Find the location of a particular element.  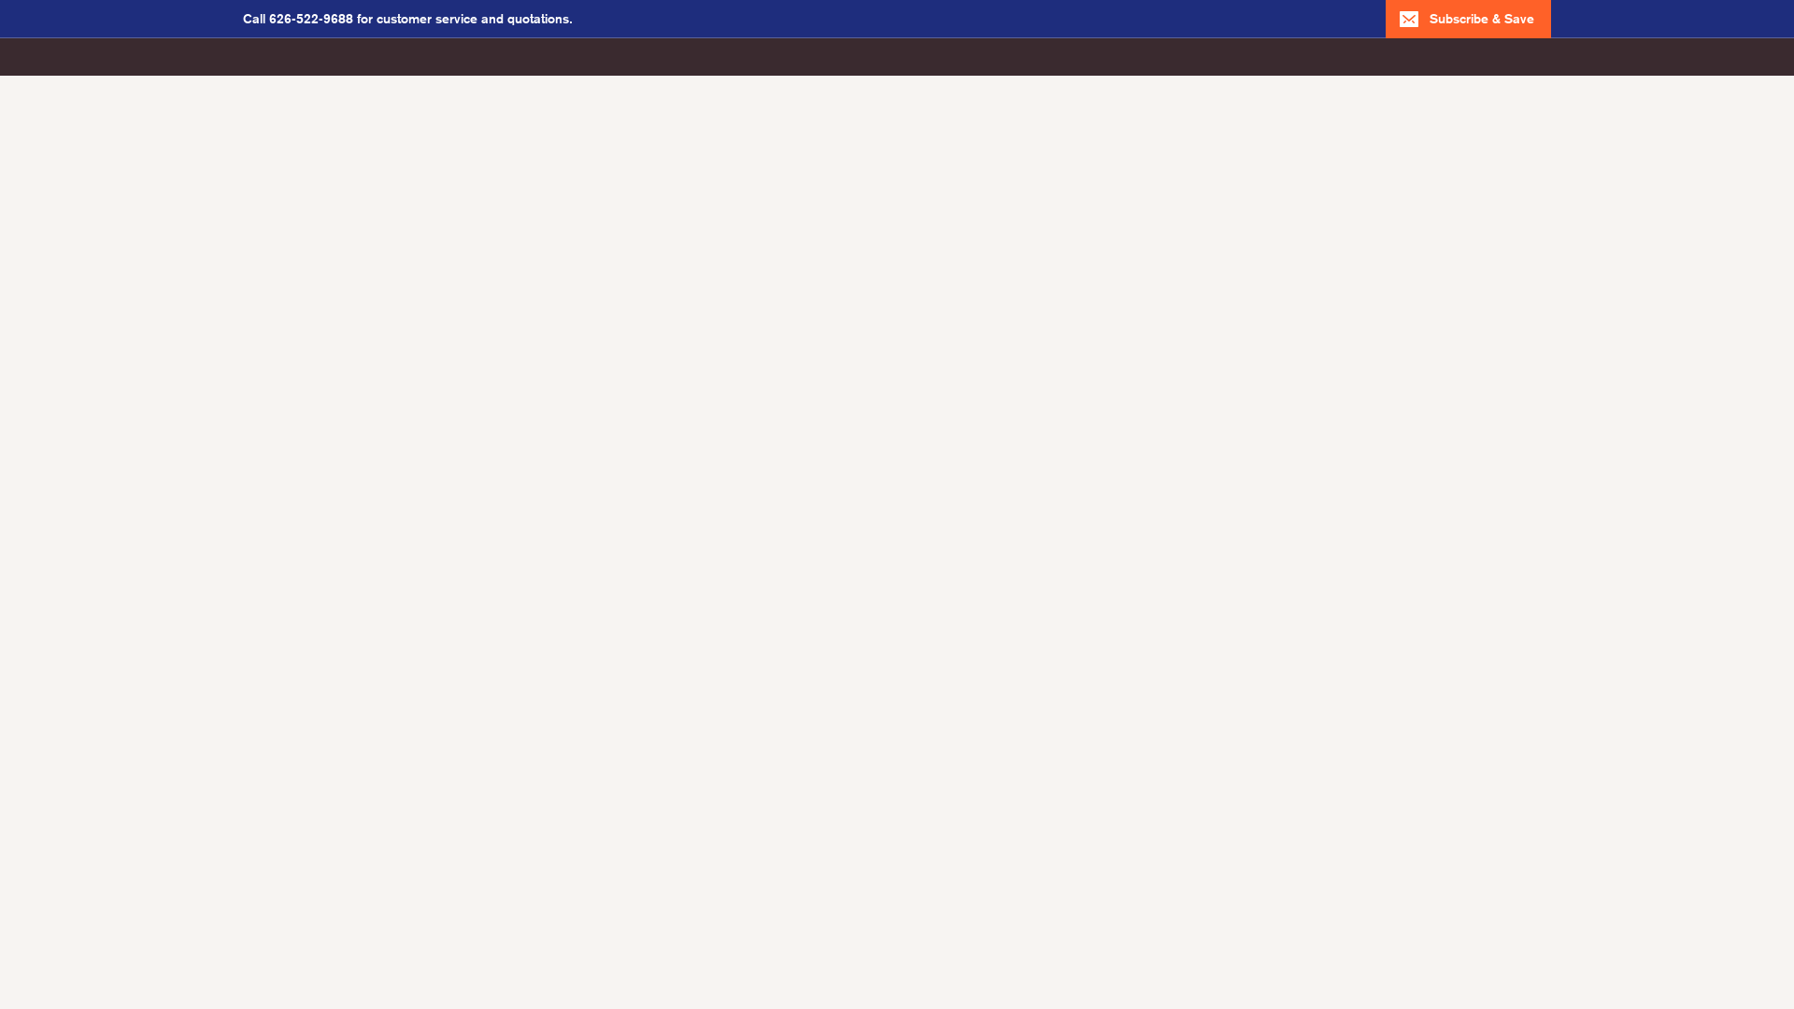

'Subscribe & Save' is located at coordinates (1467, 18).